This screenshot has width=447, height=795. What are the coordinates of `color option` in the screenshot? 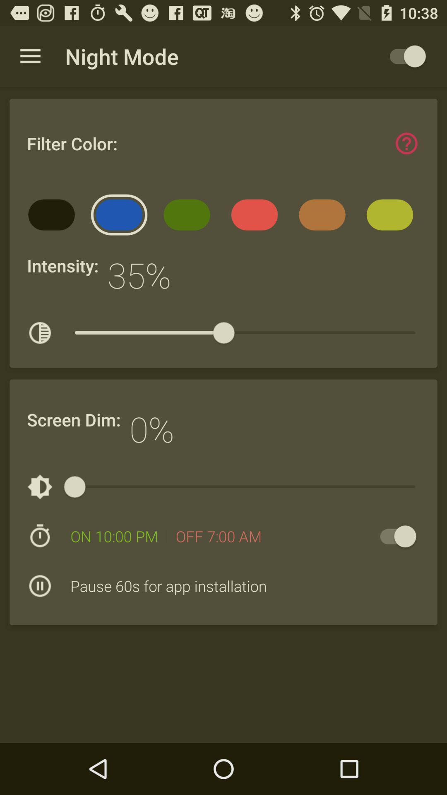 It's located at (406, 143).